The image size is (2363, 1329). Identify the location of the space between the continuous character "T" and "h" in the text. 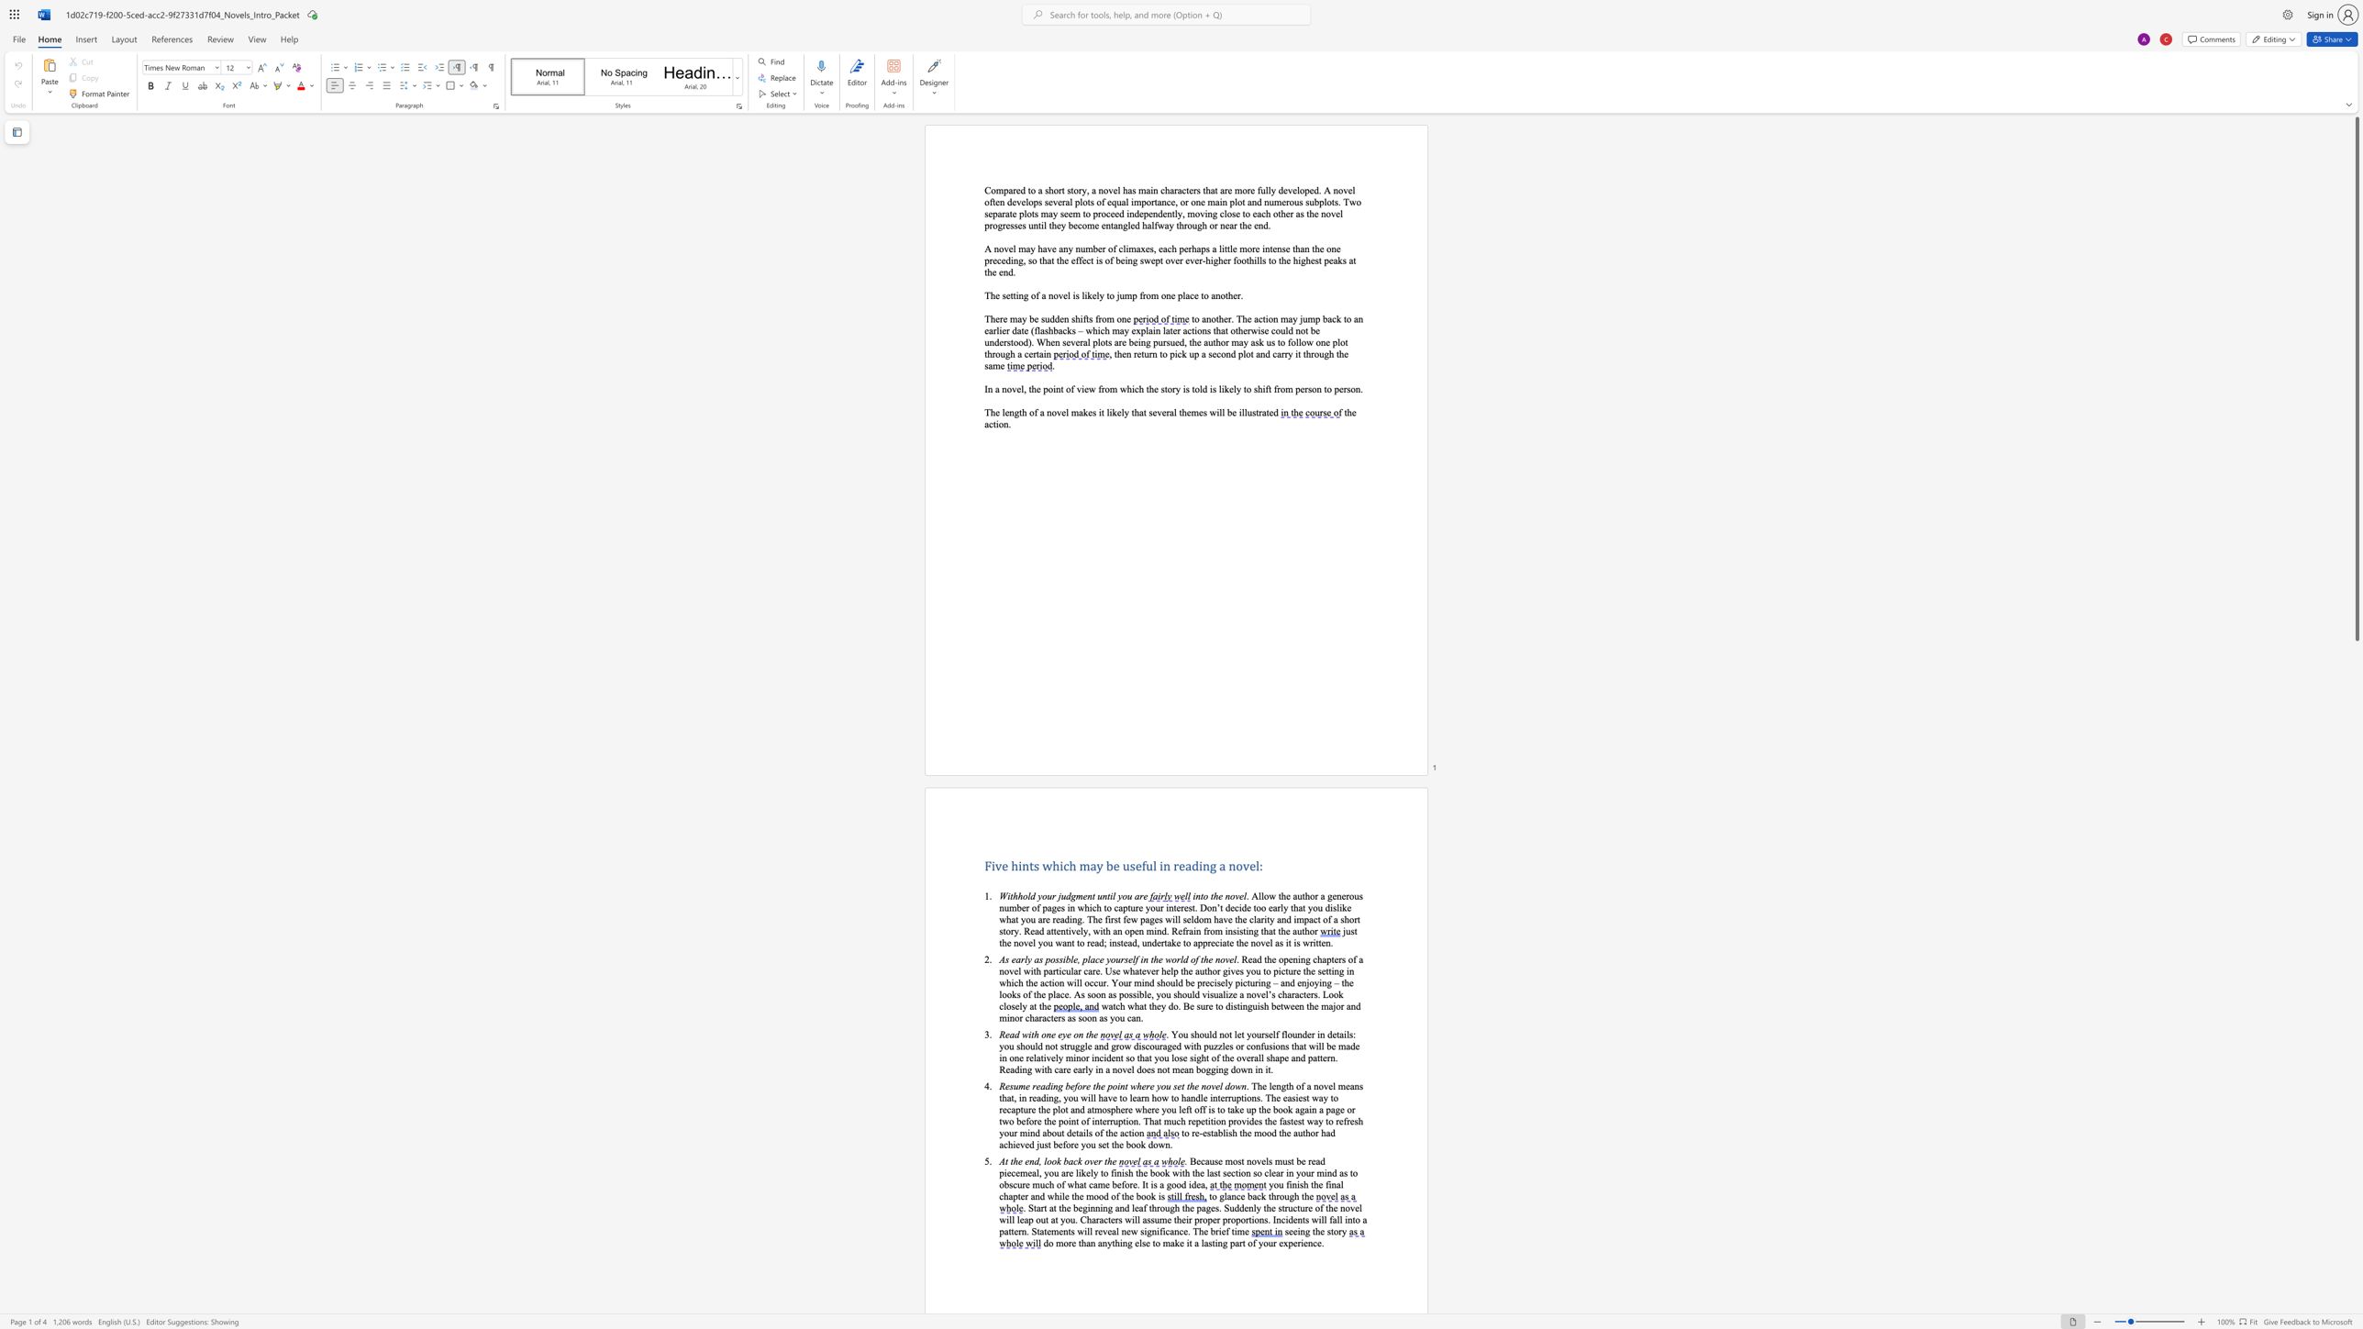
(1241, 318).